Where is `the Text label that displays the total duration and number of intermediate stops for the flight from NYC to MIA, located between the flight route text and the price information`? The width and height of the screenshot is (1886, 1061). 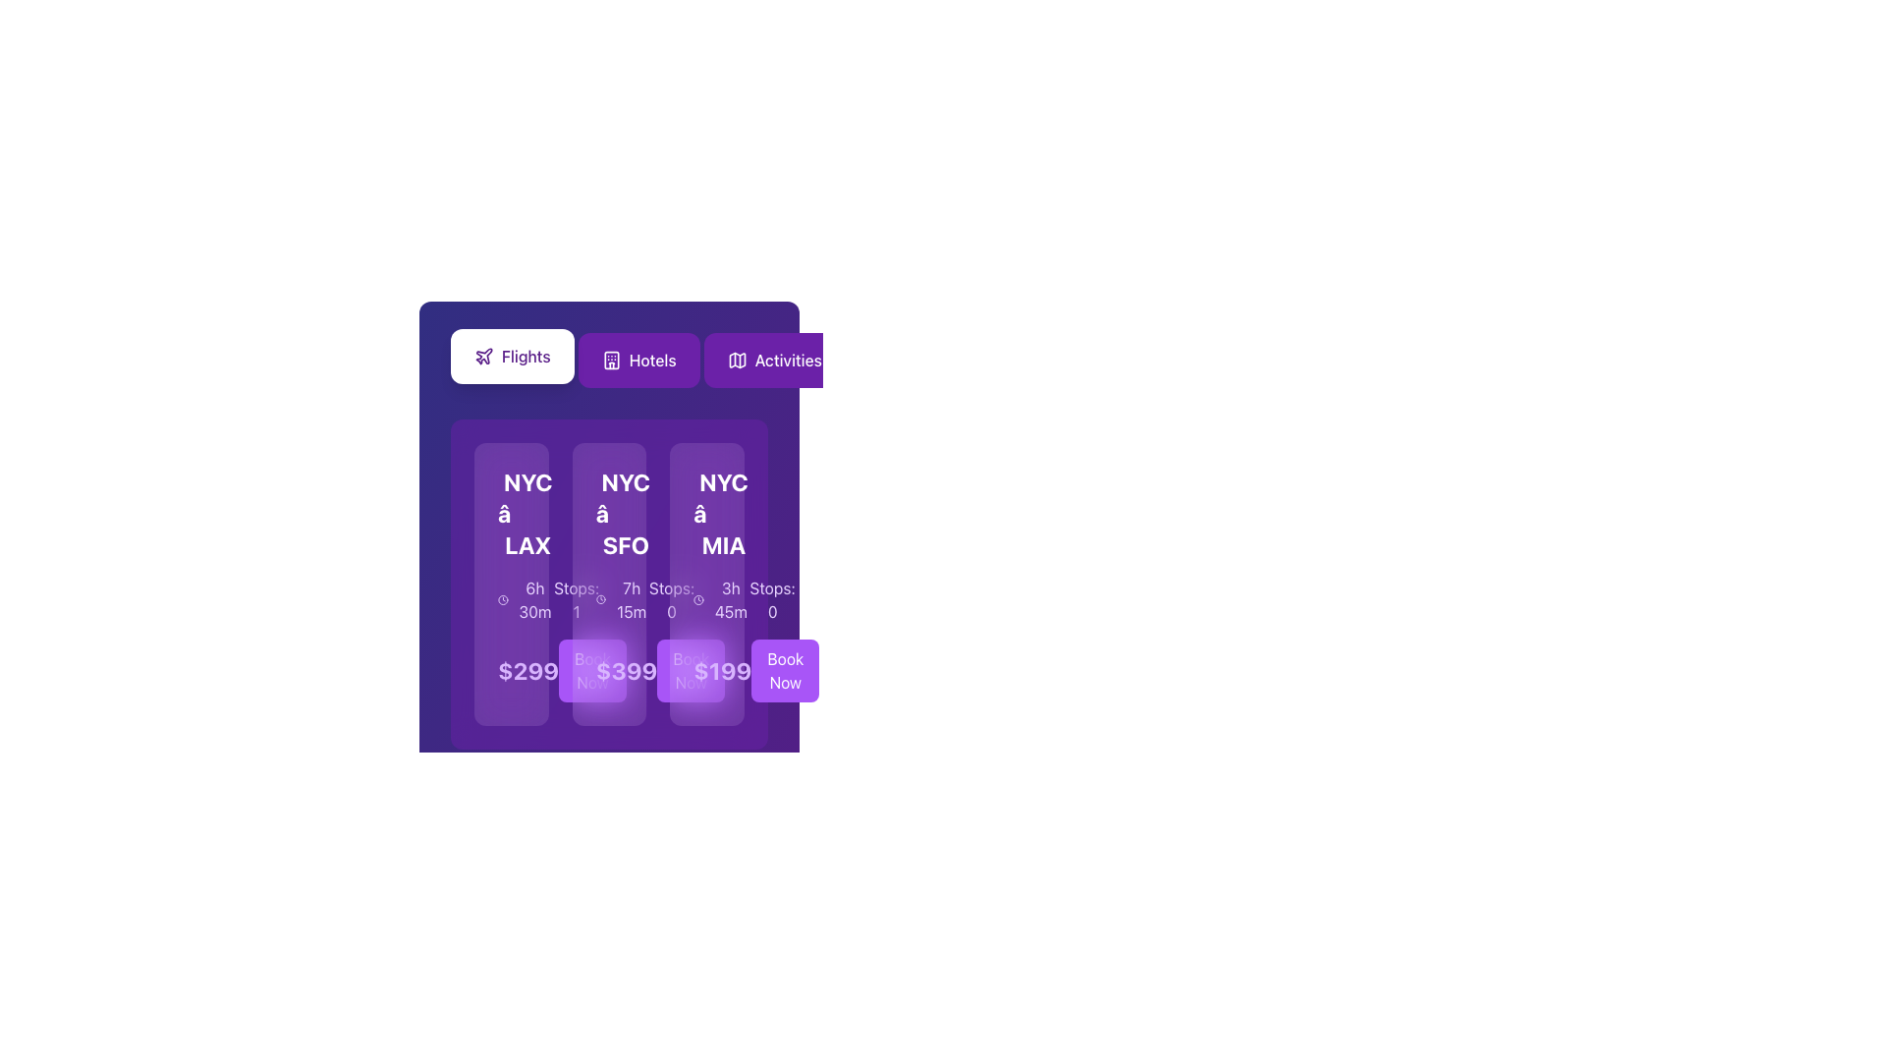 the Text label that displays the total duration and number of intermediate stops for the flight from NYC to MIA, located between the flight route text and the price information is located at coordinates (707, 598).